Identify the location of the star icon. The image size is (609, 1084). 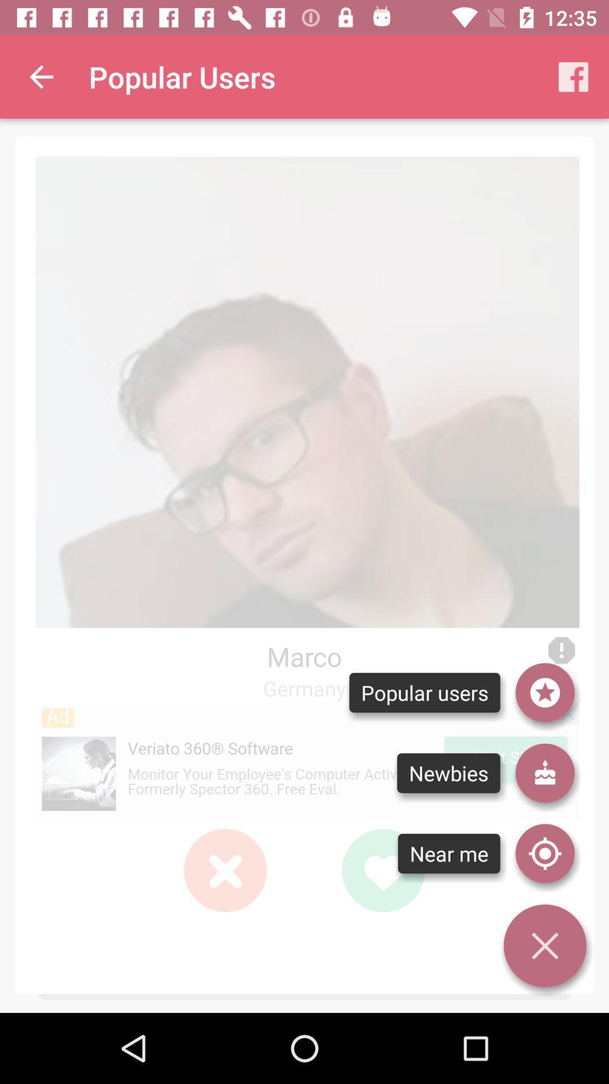
(544, 692).